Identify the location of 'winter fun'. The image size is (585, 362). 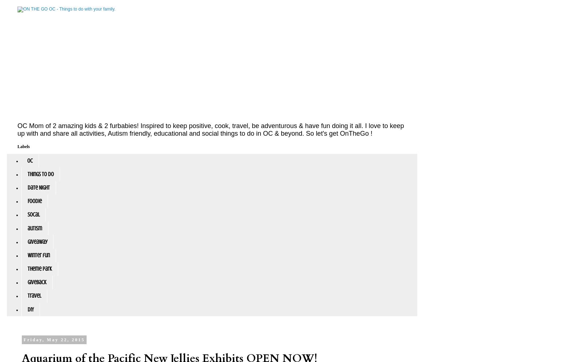
(28, 255).